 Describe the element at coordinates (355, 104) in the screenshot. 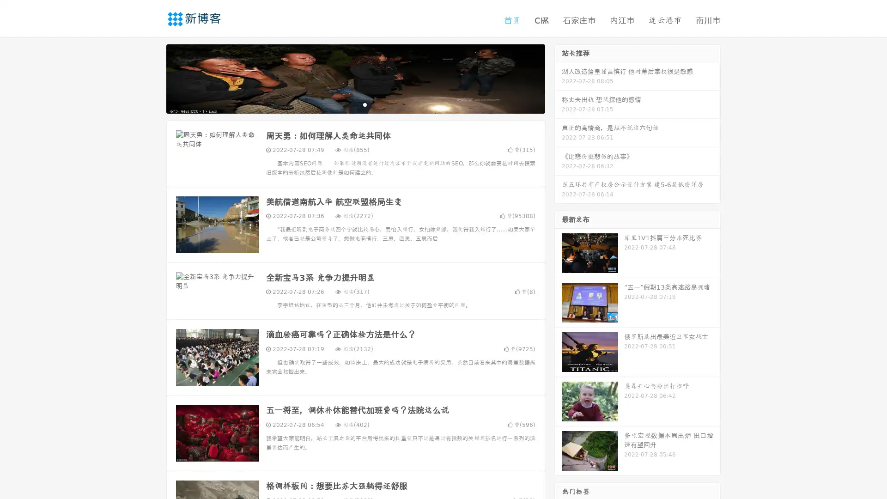

I see `Go to slide 2` at that location.